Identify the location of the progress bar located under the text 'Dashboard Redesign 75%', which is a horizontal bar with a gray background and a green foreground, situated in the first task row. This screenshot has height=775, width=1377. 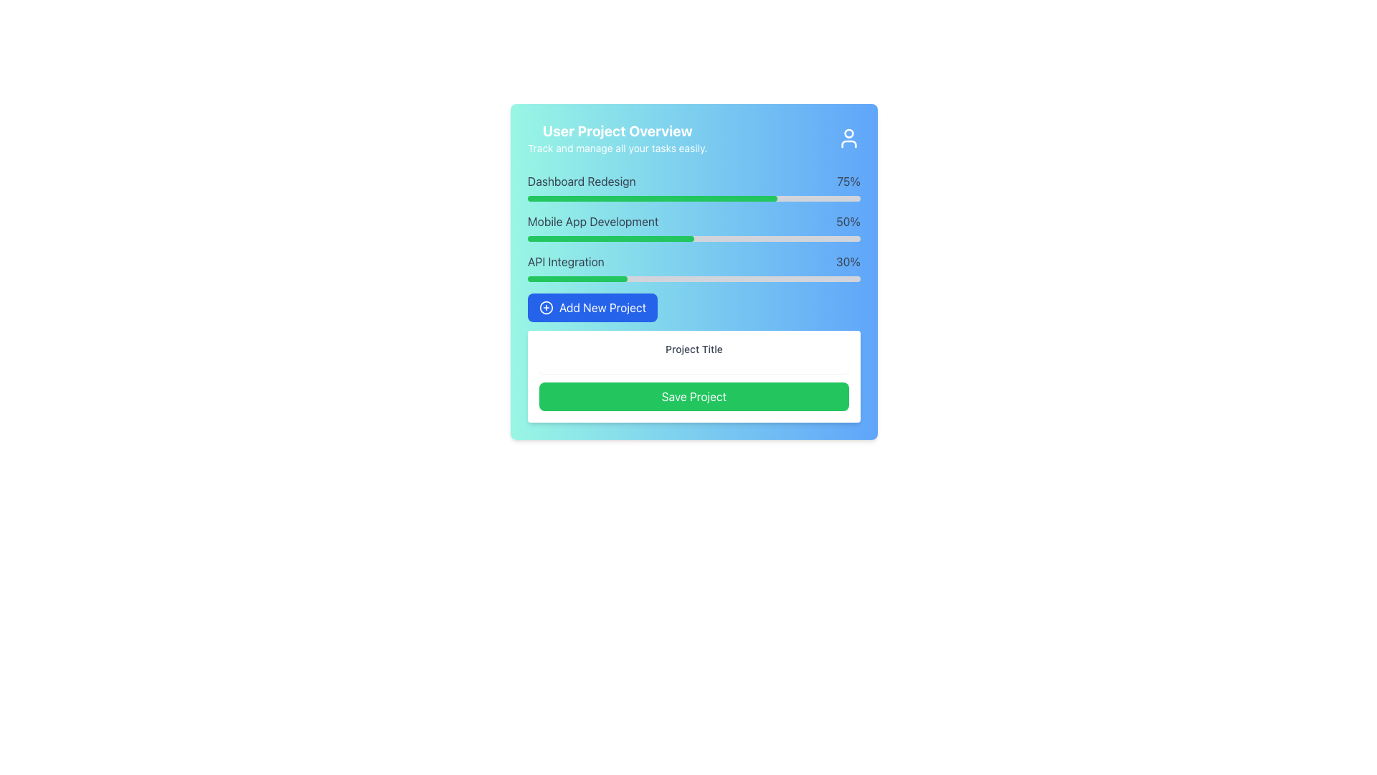
(694, 199).